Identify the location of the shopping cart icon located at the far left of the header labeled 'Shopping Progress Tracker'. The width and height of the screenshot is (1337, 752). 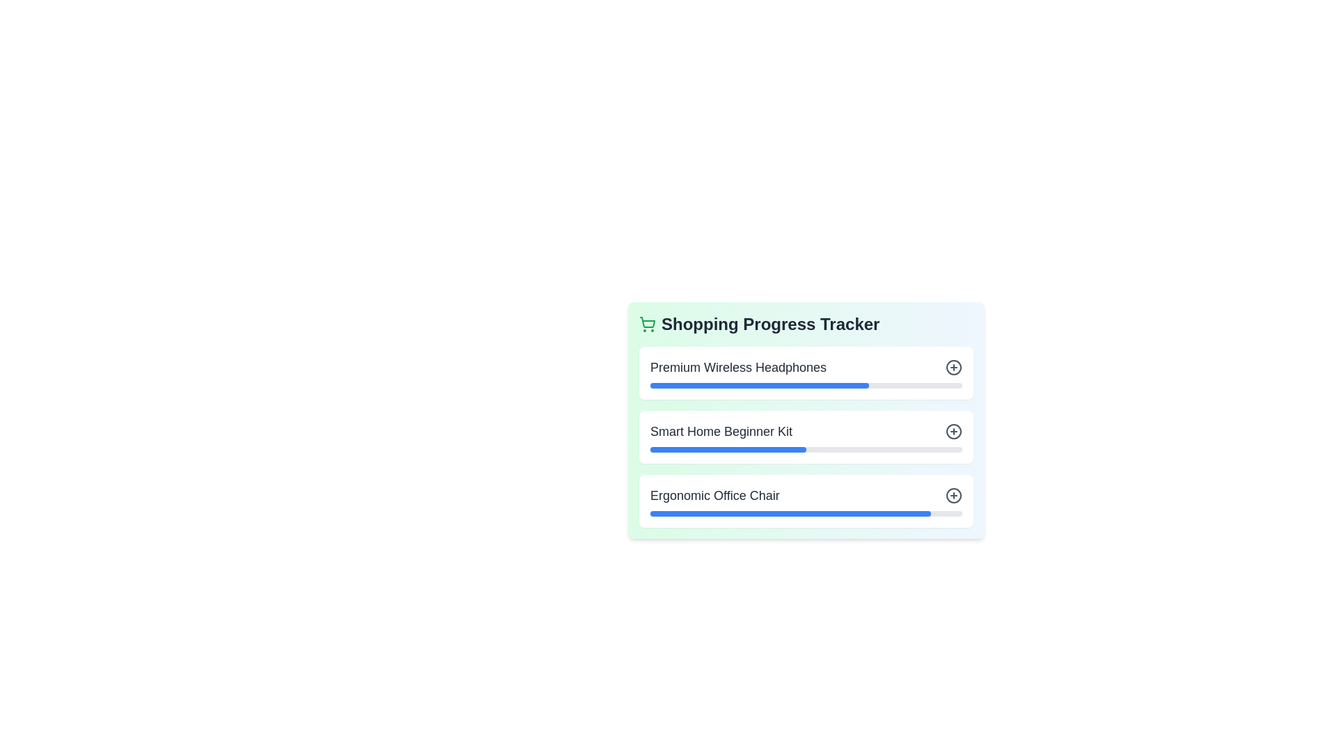
(647, 324).